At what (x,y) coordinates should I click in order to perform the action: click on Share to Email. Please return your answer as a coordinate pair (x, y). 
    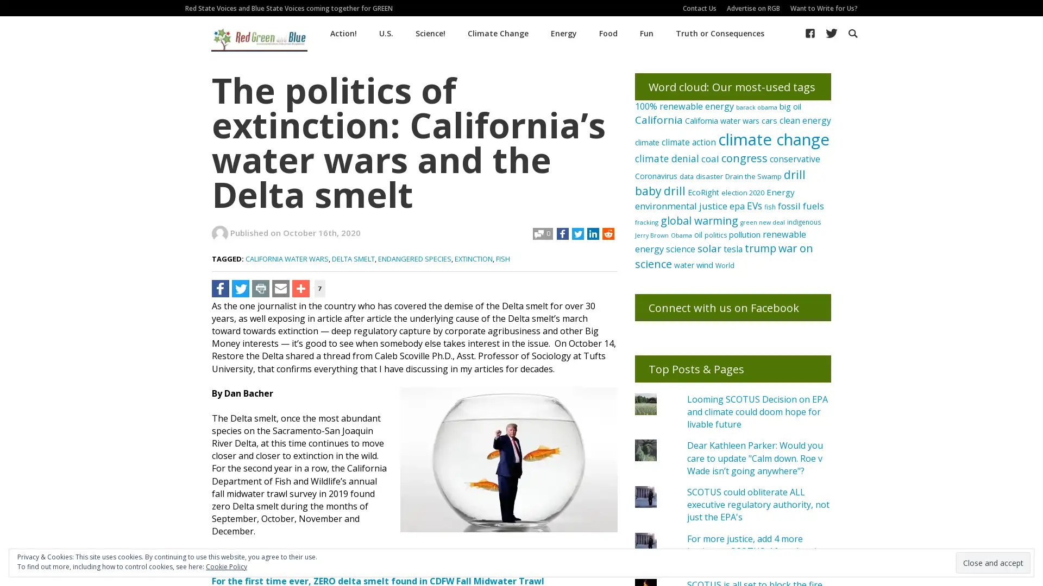
    Looking at the image, I should click on (281, 288).